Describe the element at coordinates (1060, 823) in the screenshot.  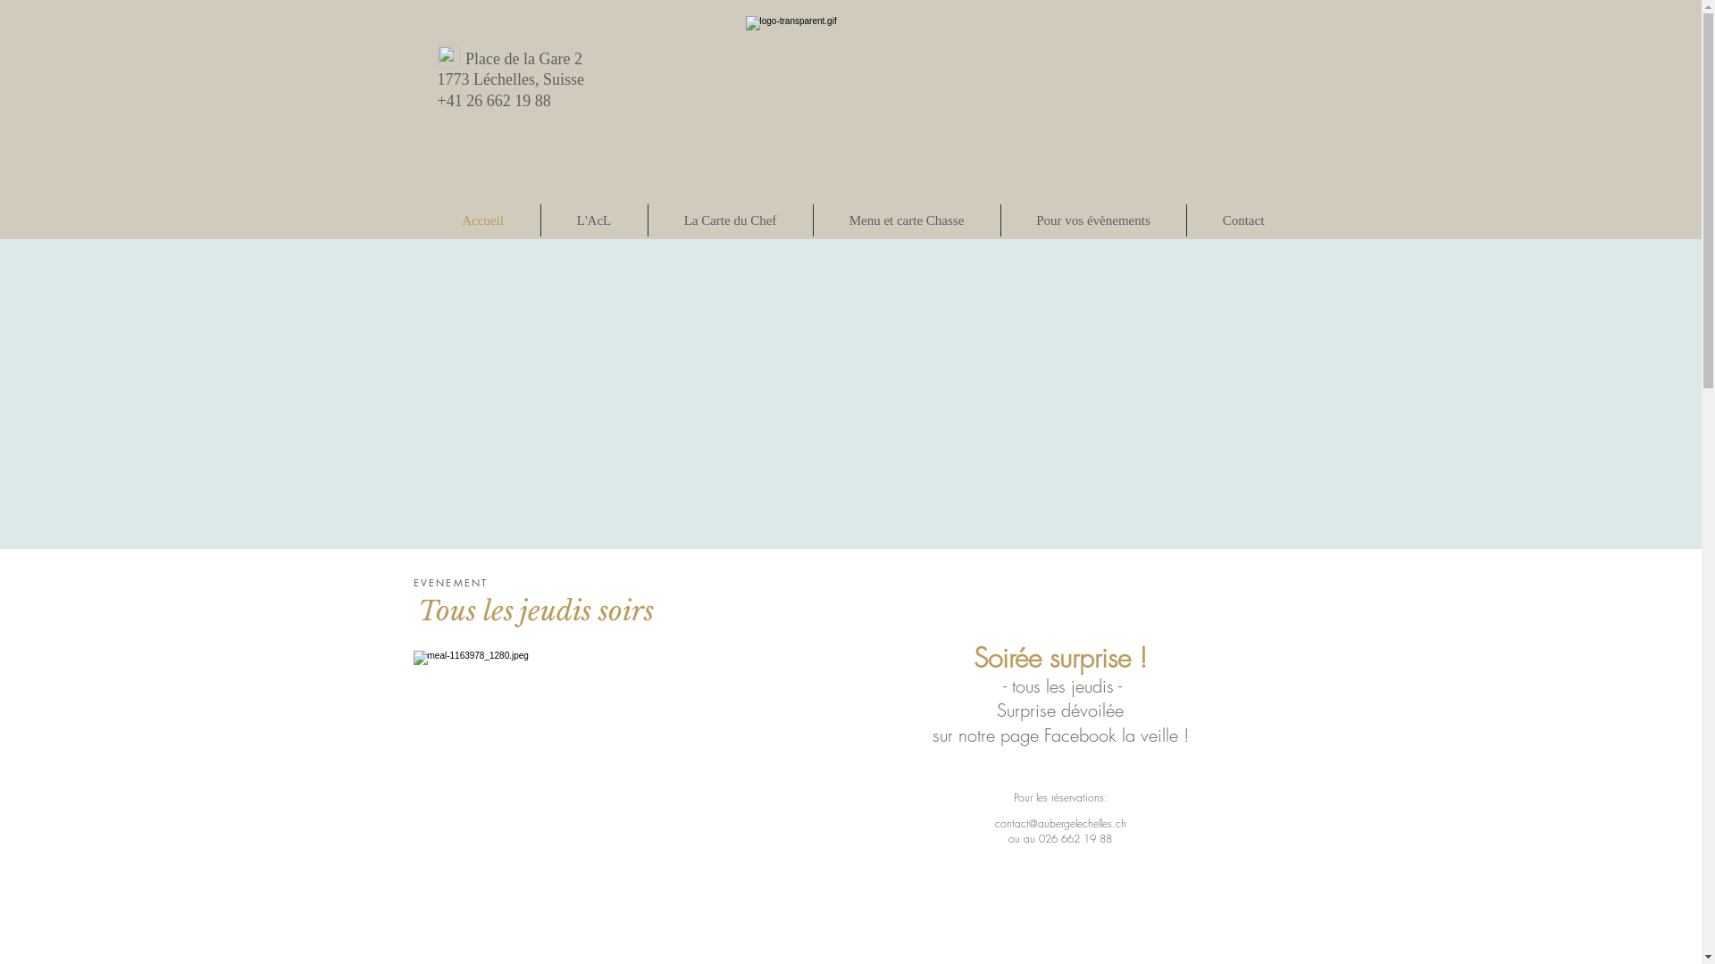
I see `'contact@aubergelechelles.ch'` at that location.